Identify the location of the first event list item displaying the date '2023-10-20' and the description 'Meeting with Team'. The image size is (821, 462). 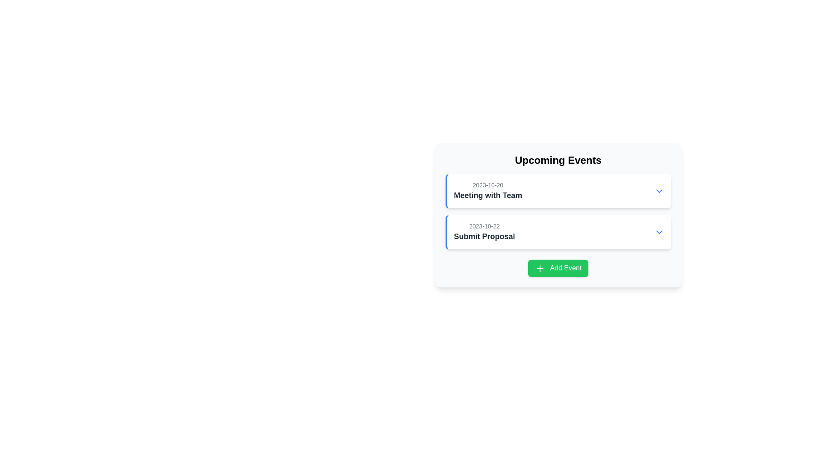
(488, 191).